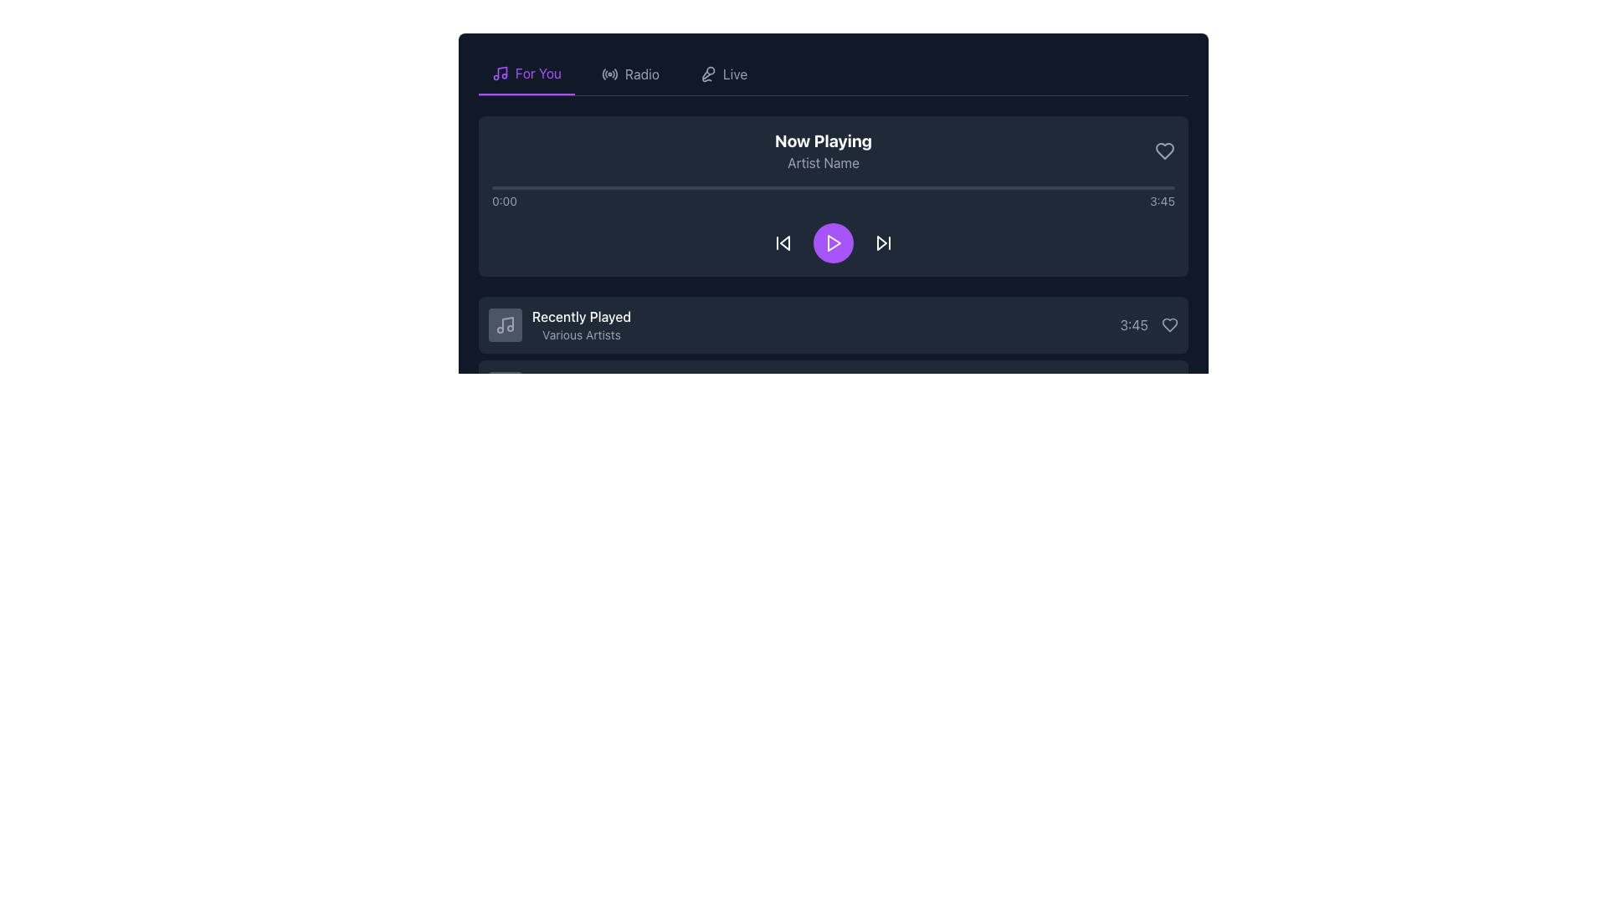 Image resolution: width=1607 pixels, height=903 pixels. I want to click on the first list item element representing a recently played music item, which displays the title and artist's information in the lower section of the music player interface, so click(560, 325).